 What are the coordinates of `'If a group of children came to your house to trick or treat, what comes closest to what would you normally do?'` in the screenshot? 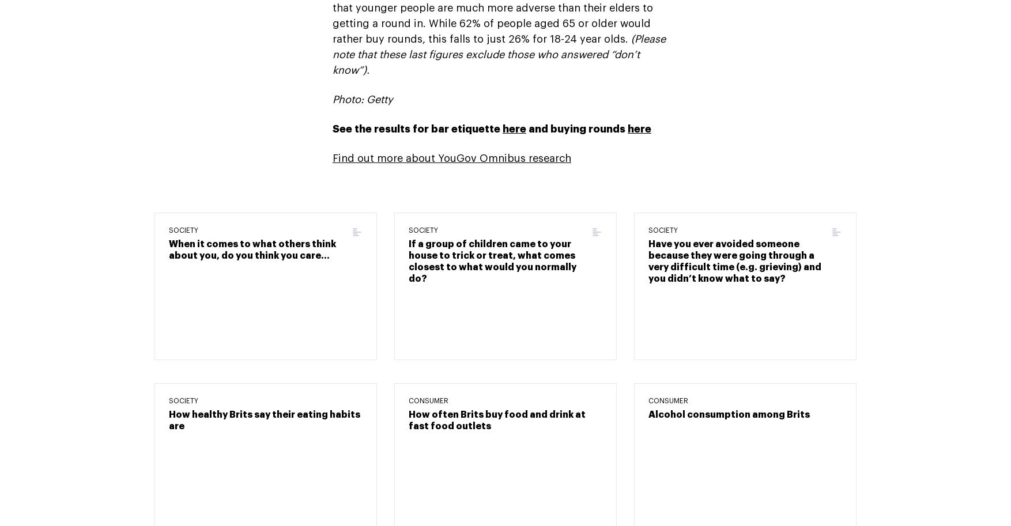 It's located at (492, 261).